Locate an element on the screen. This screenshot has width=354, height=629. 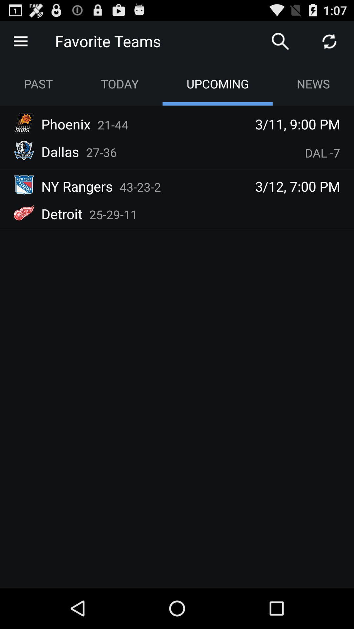
item below the ny rangers app is located at coordinates (113, 214).